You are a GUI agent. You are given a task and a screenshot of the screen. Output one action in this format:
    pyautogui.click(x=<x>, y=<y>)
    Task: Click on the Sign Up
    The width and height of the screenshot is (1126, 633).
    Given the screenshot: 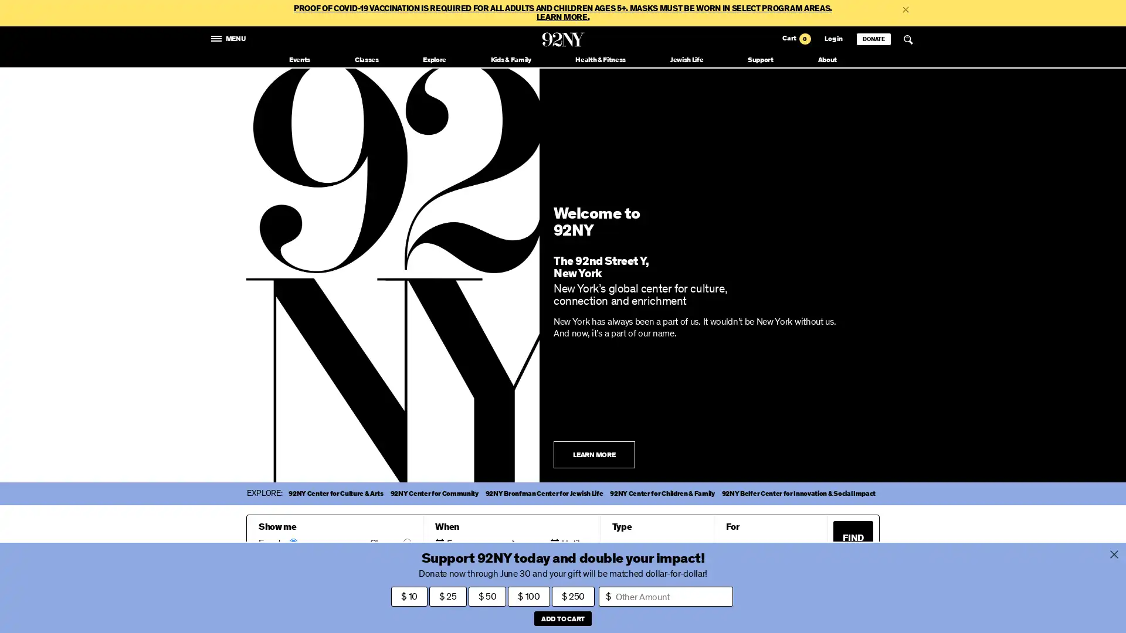 What is the action you would take?
    pyautogui.click(x=740, y=606)
    